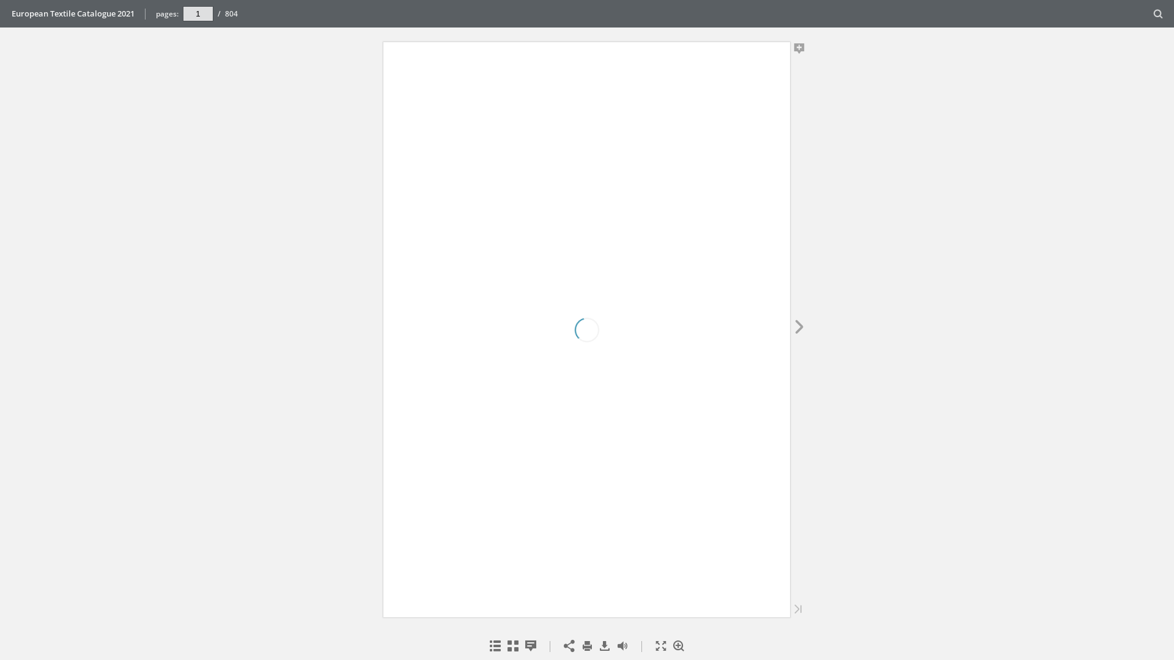  I want to click on 'Search', so click(1157, 14).